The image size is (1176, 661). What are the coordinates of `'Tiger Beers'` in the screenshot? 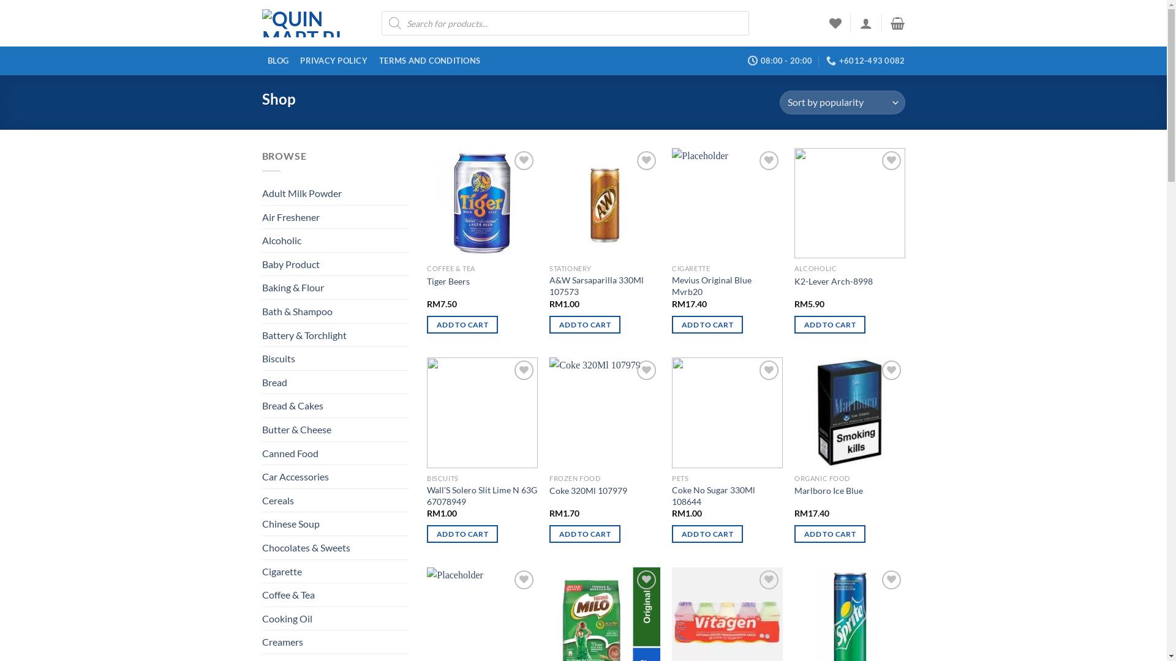 It's located at (426, 282).